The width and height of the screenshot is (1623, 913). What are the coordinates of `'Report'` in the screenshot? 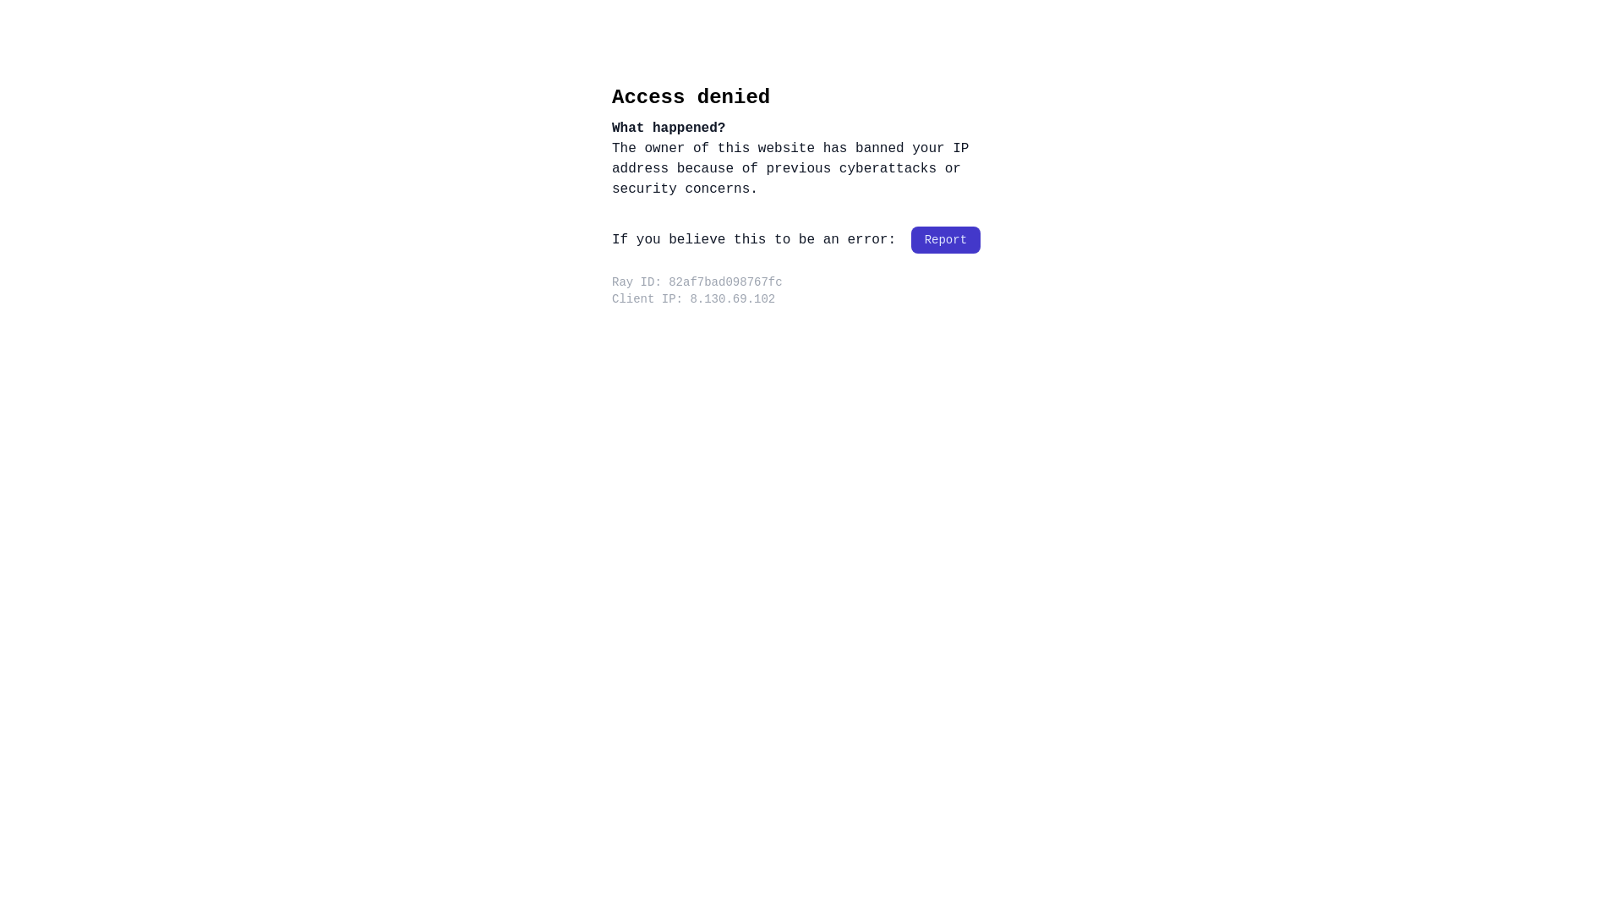 It's located at (944, 240).